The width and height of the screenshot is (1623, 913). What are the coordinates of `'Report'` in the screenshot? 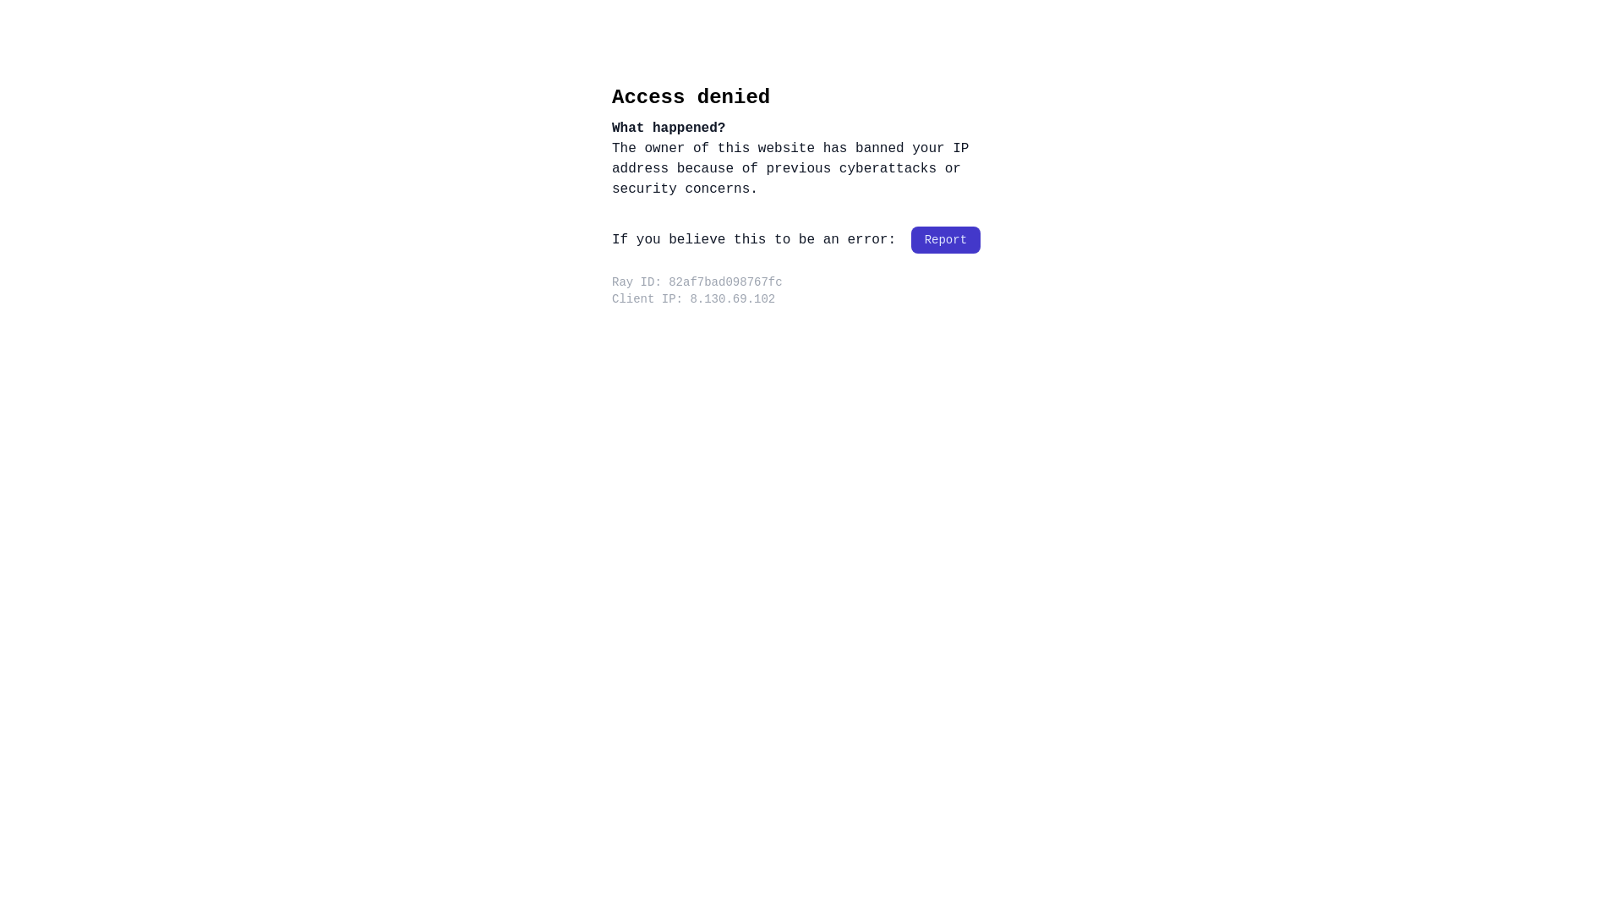 It's located at (944, 240).